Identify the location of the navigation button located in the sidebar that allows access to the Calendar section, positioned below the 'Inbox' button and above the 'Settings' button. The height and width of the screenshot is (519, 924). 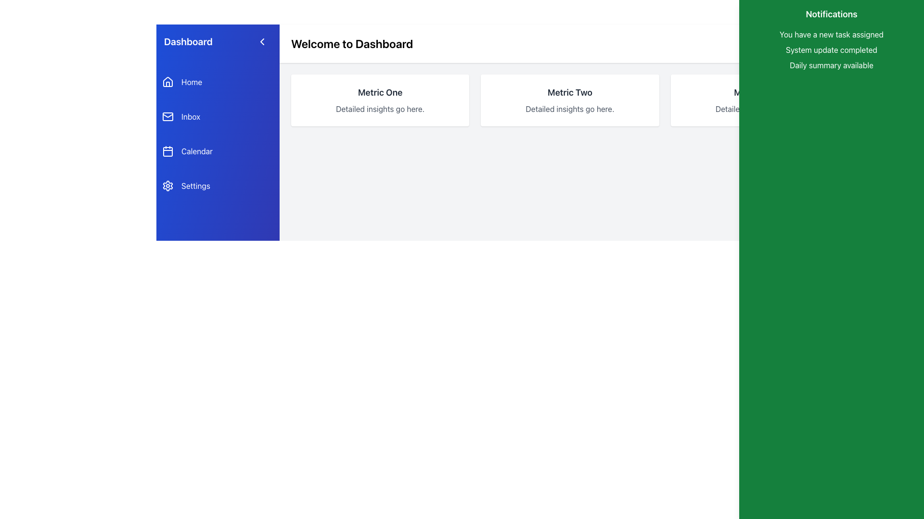
(217, 151).